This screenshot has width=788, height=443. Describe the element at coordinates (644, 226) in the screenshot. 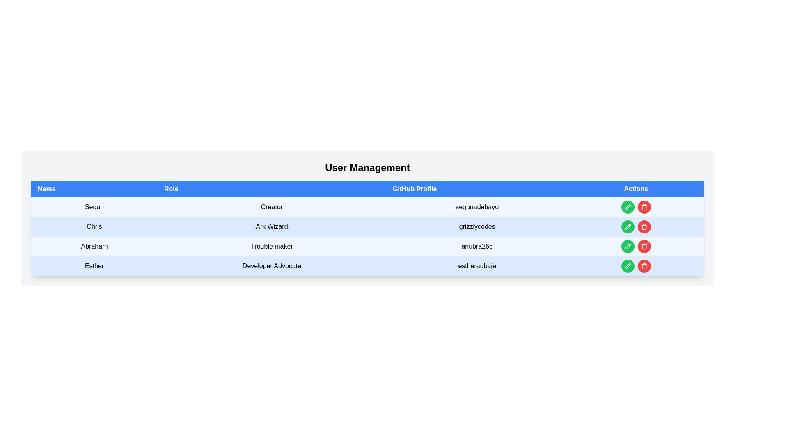

I see `the circular red button with a white trashcan icon, located in the 'Actions' column of the second row for user 'Chris'` at that location.